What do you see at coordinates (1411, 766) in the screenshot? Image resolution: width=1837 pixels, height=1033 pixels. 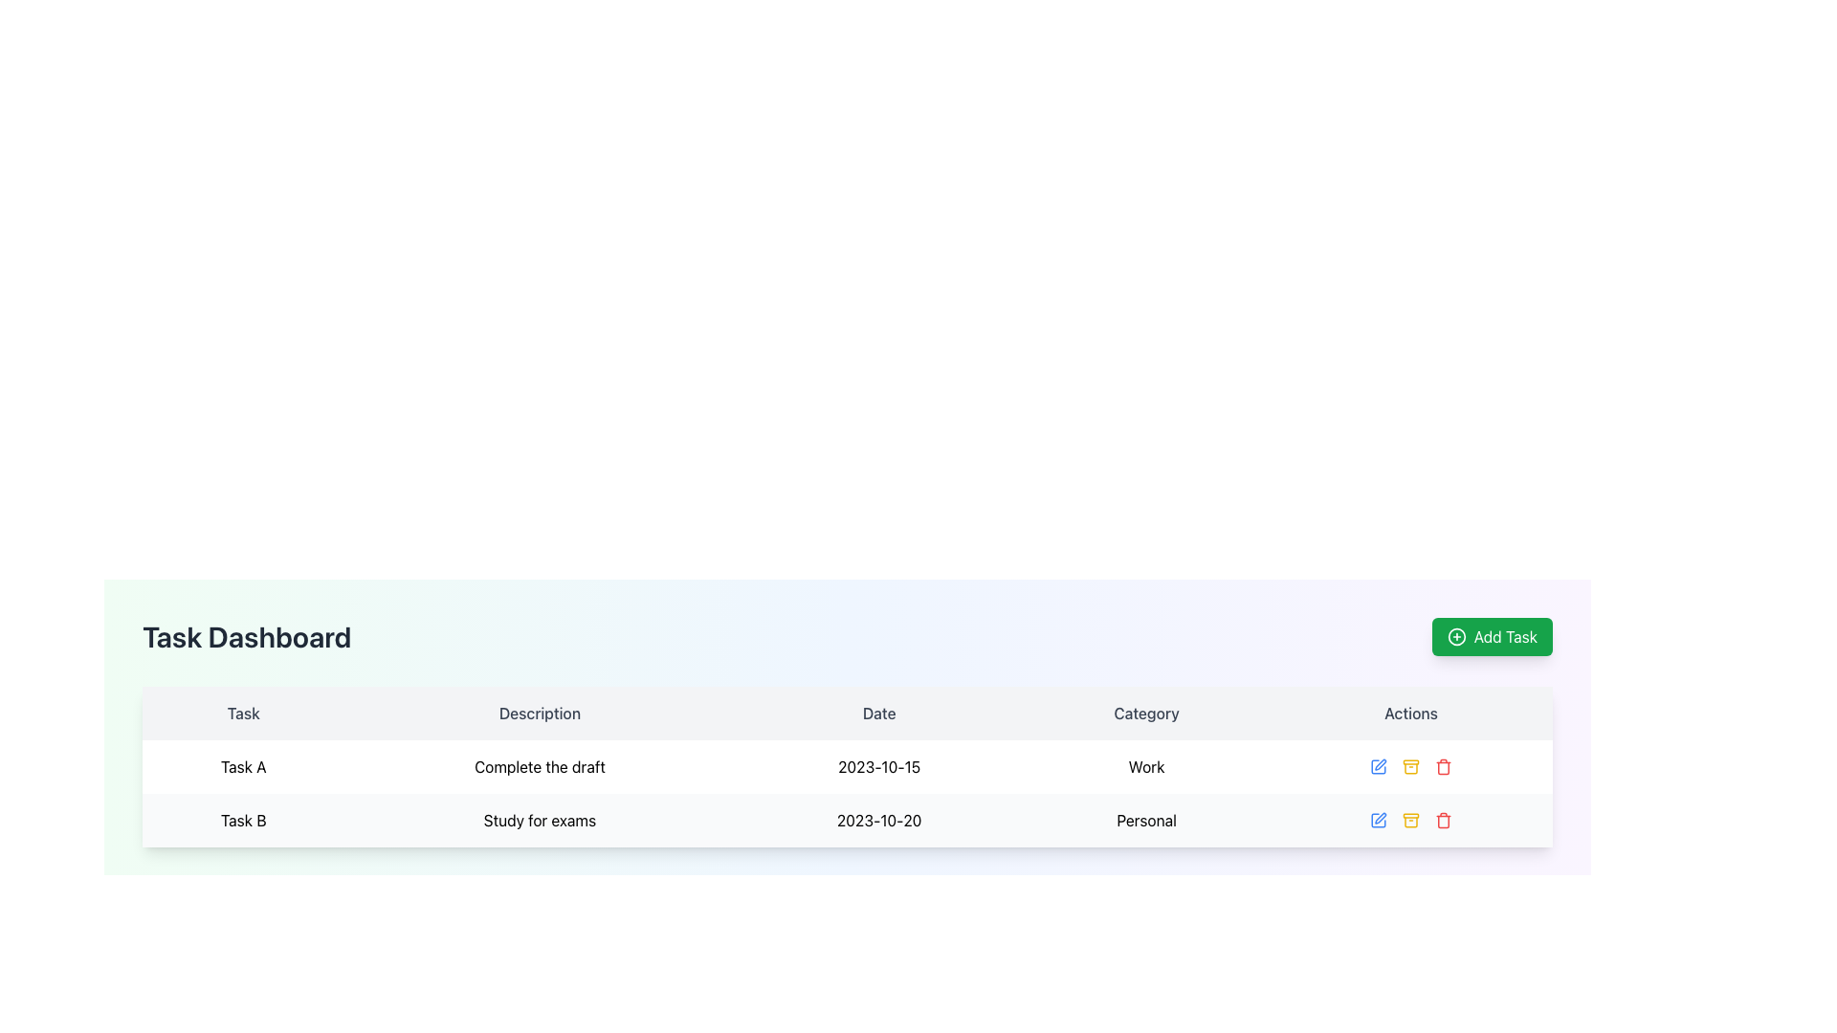 I see `the Action buttons group for 'Task A' to navigate through the edit, archive, and delete icons` at bounding box center [1411, 766].